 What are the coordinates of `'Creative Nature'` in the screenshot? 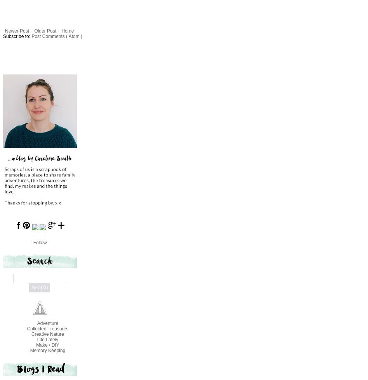 It's located at (47, 334).